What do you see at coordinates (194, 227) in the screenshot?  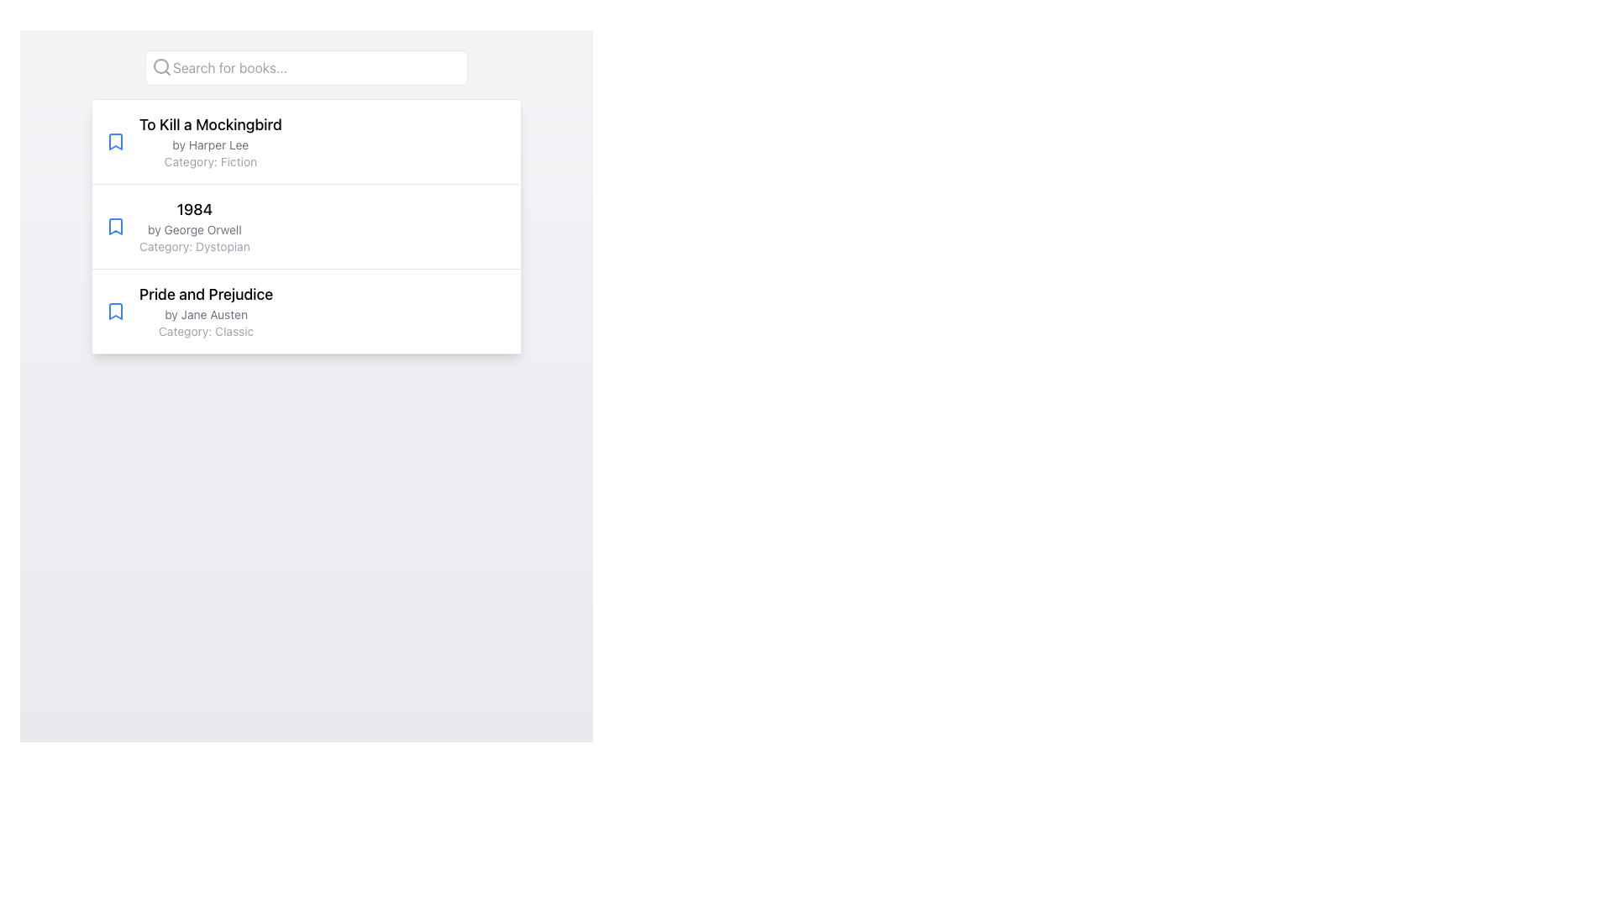 I see `the text content grouping displaying the title '1984', the author 'by George Orwell', and the category 'Category: Dystopian' located in the second row of the main content area` at bounding box center [194, 227].